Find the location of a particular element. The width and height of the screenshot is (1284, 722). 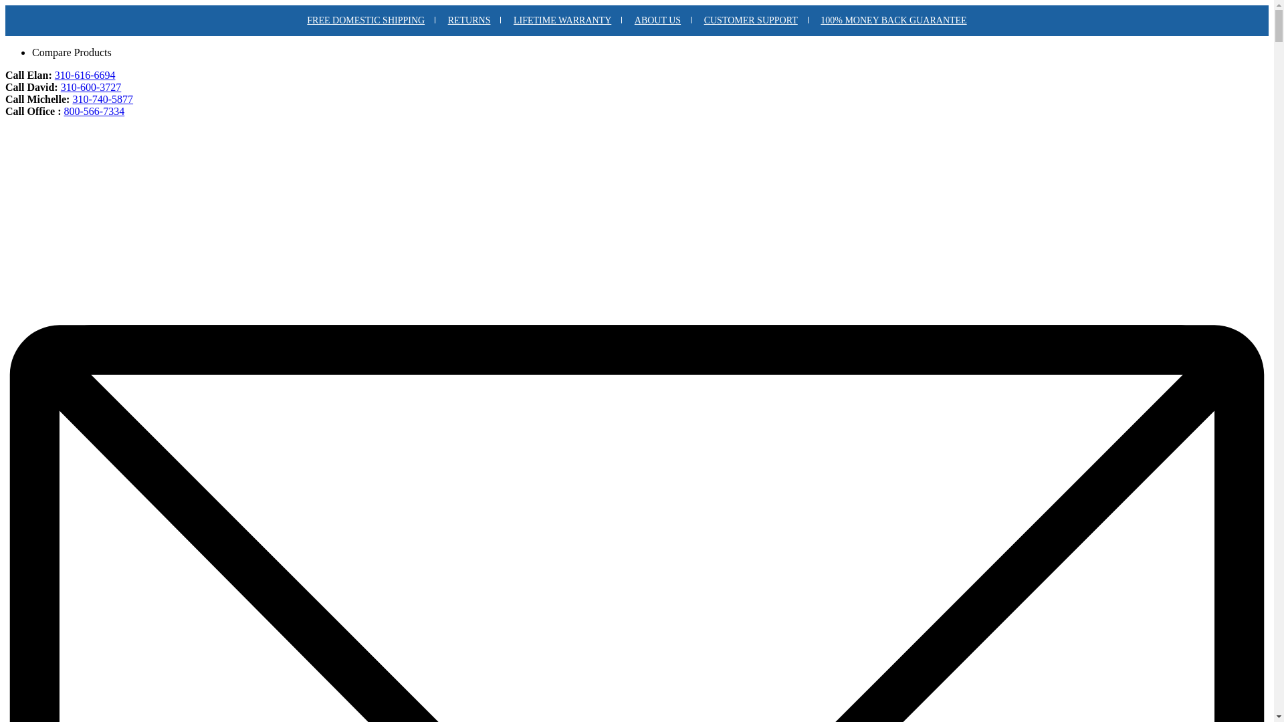

'310-616-6694' is located at coordinates (53, 75).